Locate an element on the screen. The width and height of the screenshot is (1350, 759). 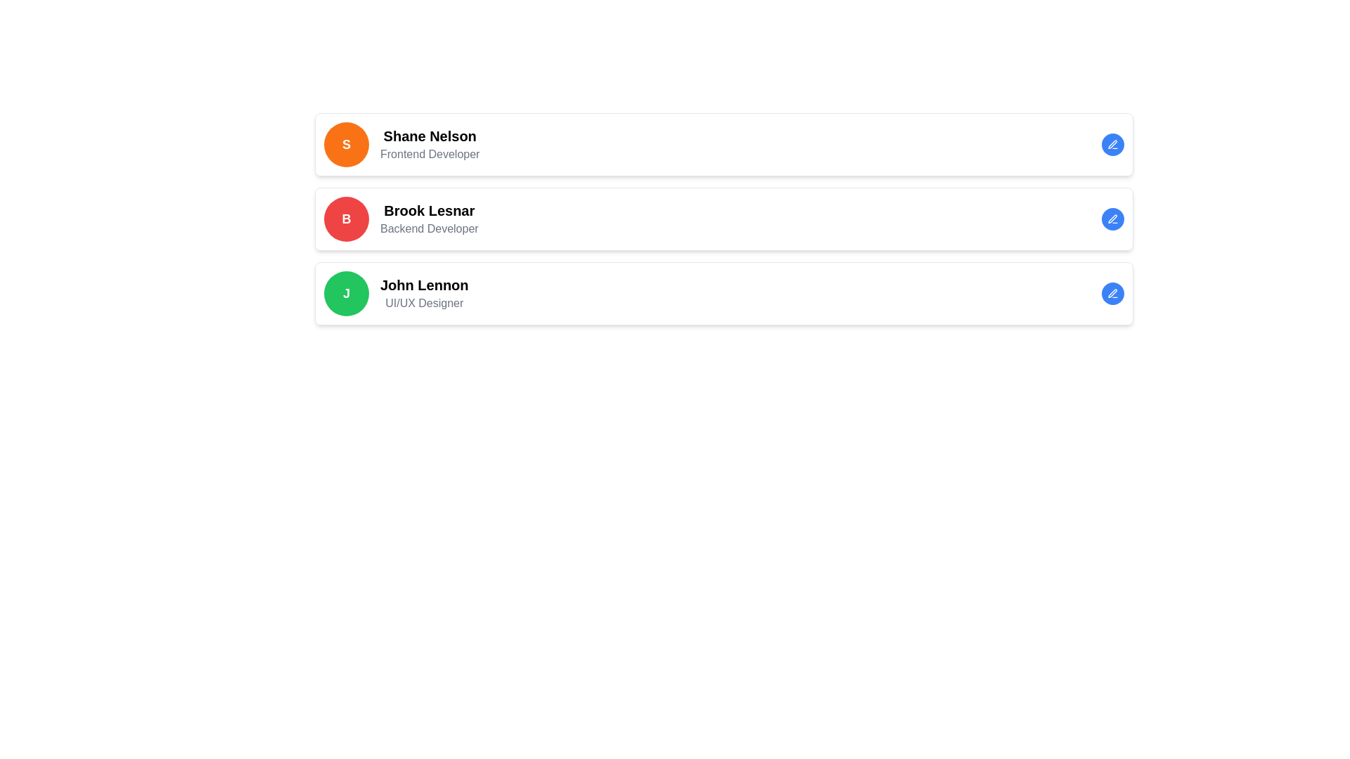
the edit icon located at the right end of the row associated with 'John Lennon', the third item in the list, to understand its symbolic meaning is located at coordinates (1112, 219).